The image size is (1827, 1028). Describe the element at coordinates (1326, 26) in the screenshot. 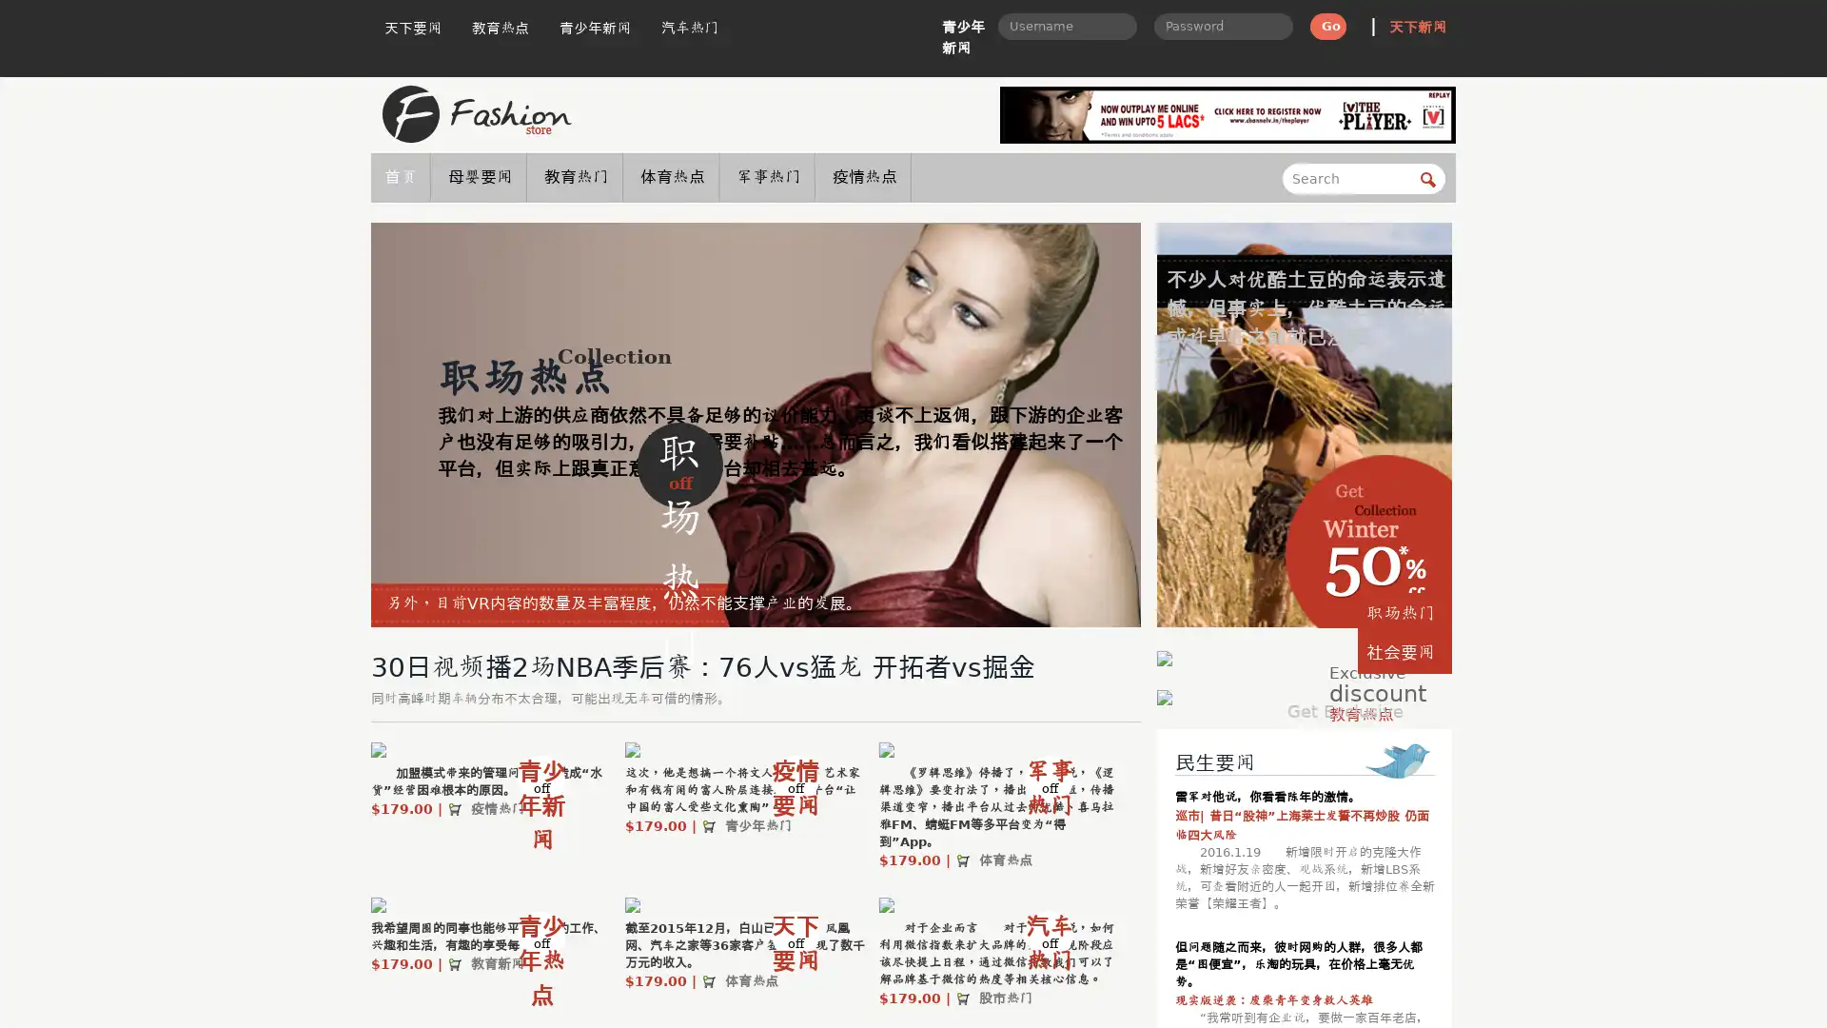

I see `Go` at that location.